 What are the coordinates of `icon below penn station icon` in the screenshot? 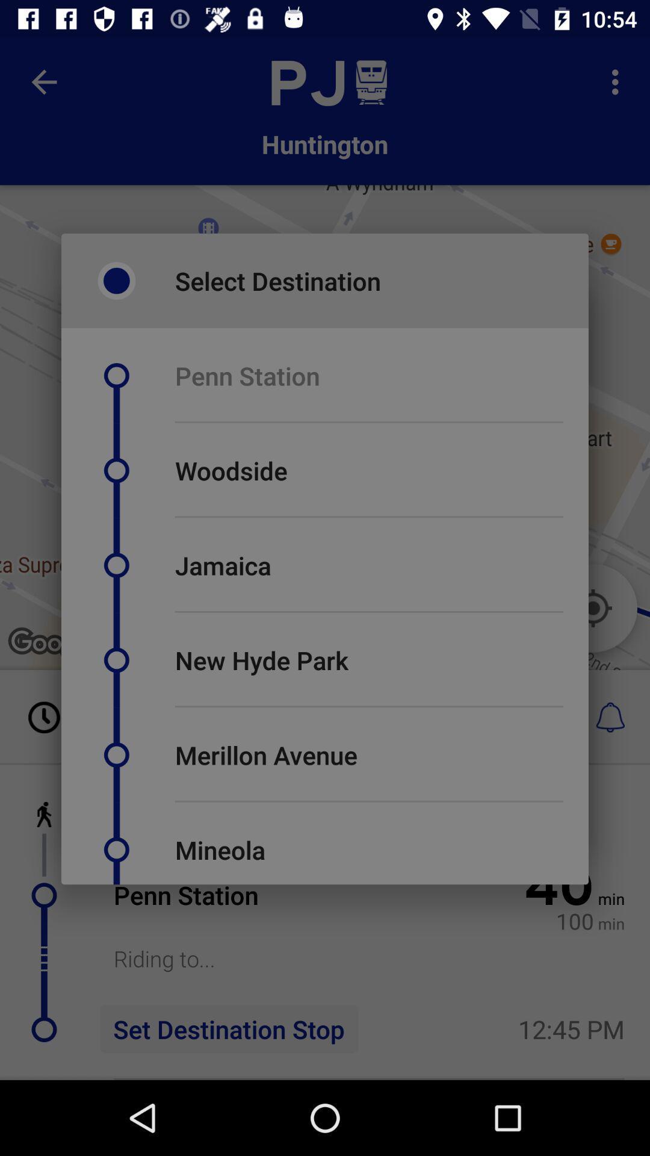 It's located at (368, 422).